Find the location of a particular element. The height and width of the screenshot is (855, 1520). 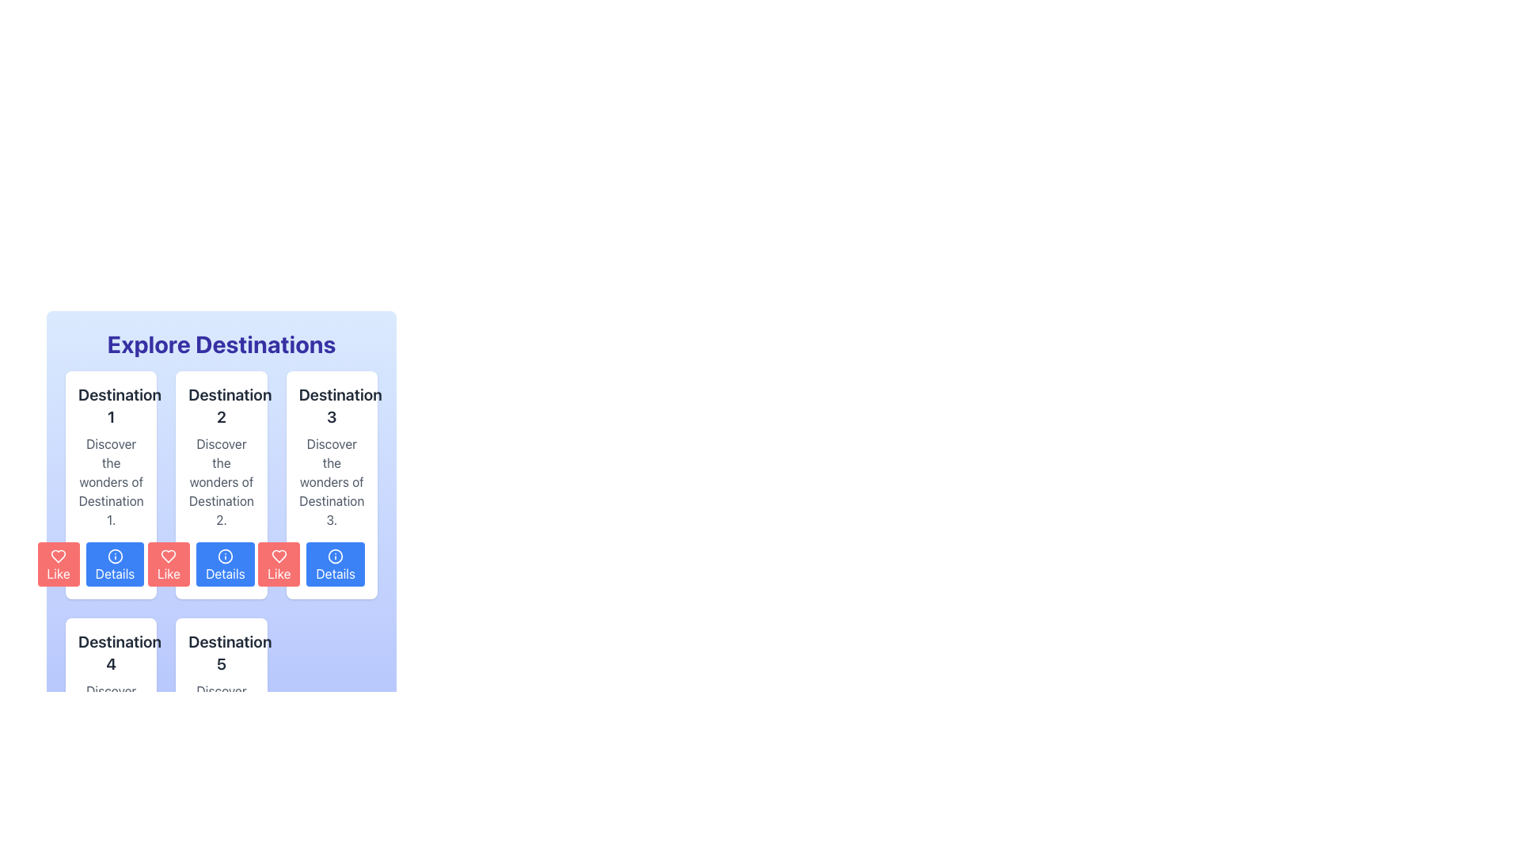

the 'like' icon located in the second 'Like' button under the card labeled 'Destination 2', which visually represents the 'like' action is located at coordinates (169, 555).